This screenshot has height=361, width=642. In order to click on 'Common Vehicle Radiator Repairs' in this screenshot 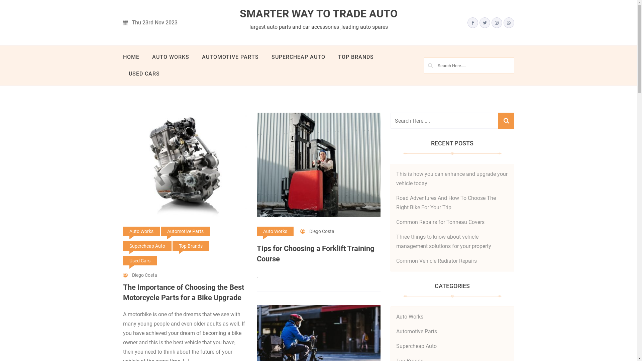, I will do `click(396, 260)`.